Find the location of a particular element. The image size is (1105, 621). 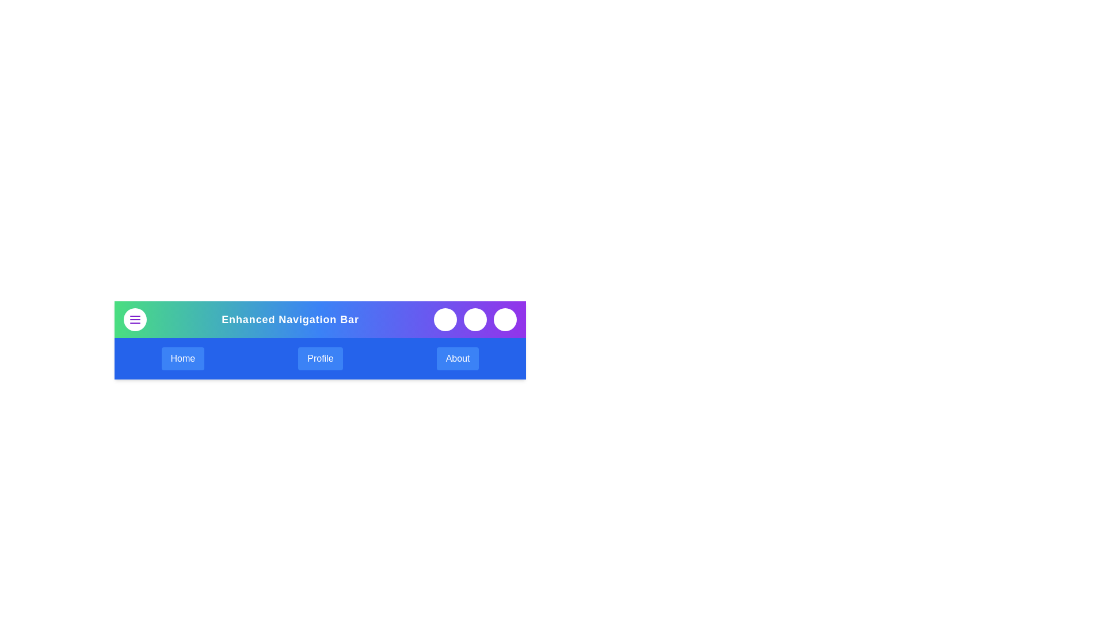

the button labeled Home to observe its hover effect is located at coordinates (182, 358).